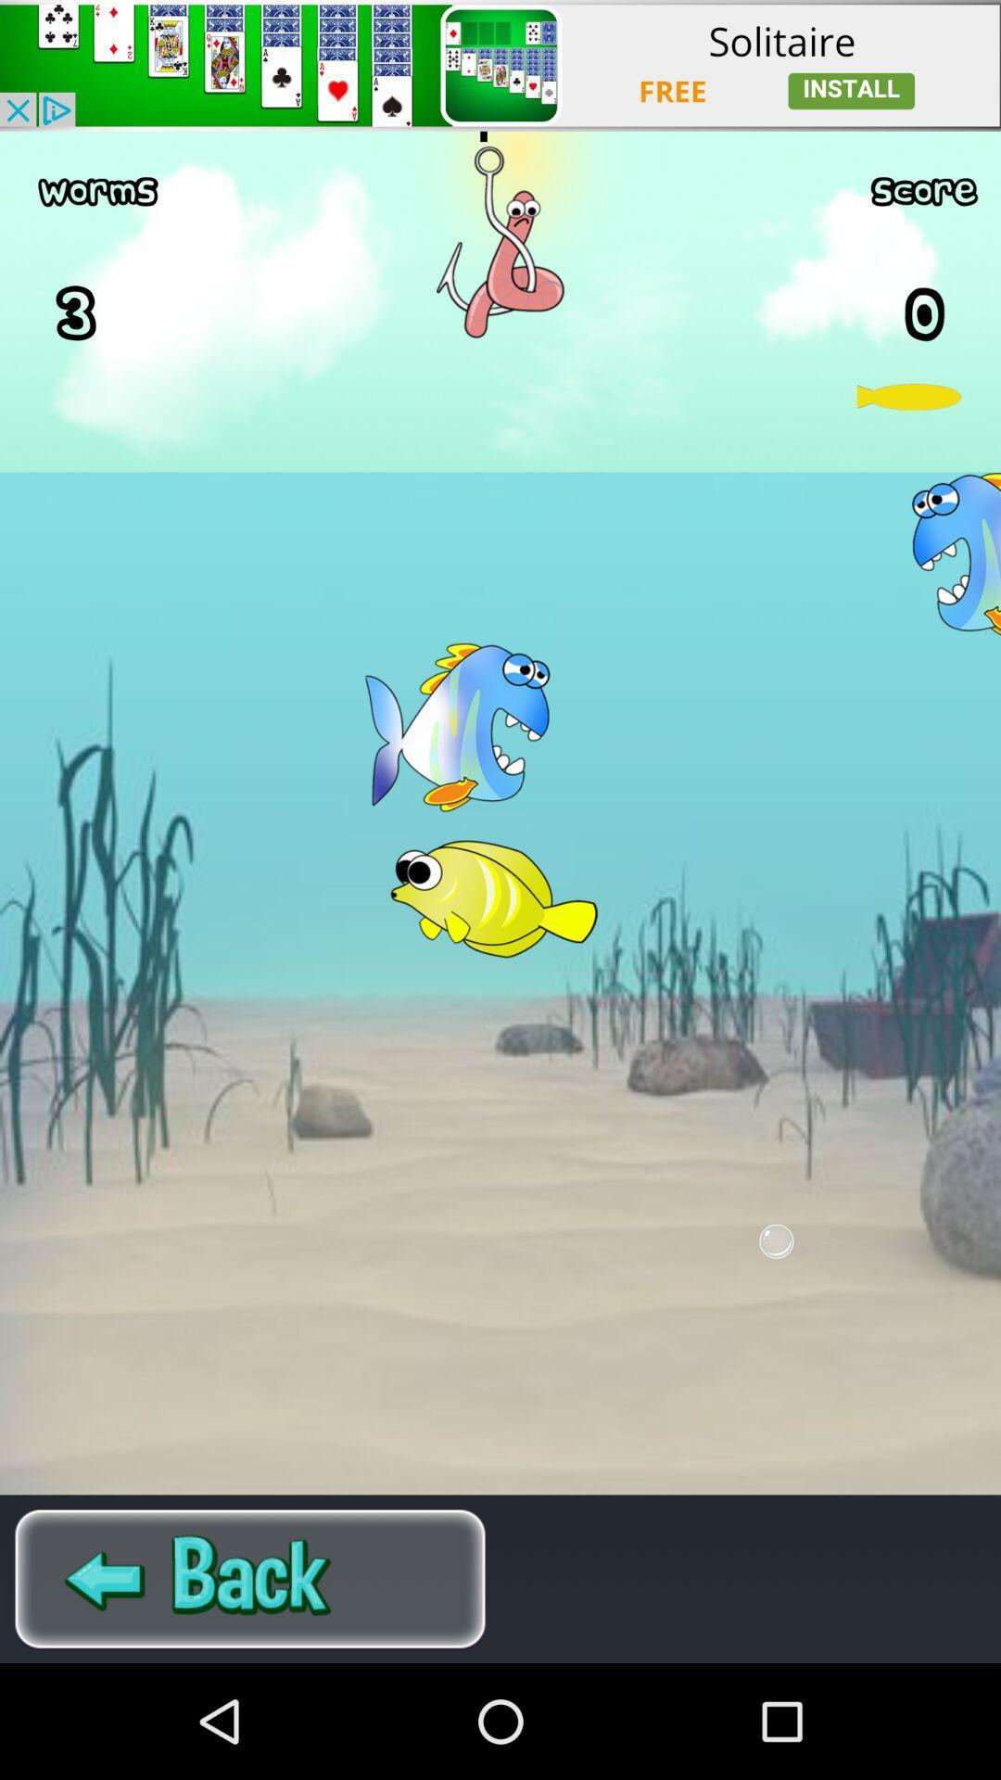 Image resolution: width=1001 pixels, height=1780 pixels. I want to click on previous page, so click(250, 1578).